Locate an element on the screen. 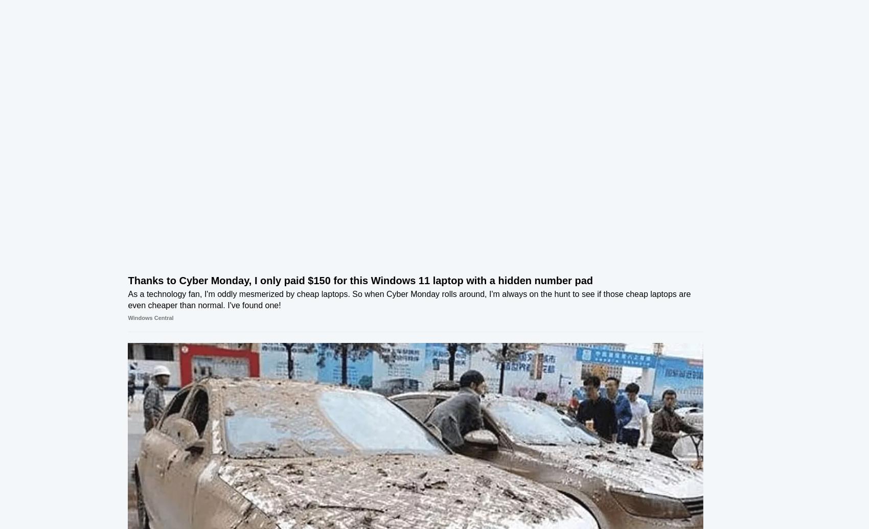 Image resolution: width=869 pixels, height=529 pixels. 'Today at 10:35 AM' is located at coordinates (672, 86).